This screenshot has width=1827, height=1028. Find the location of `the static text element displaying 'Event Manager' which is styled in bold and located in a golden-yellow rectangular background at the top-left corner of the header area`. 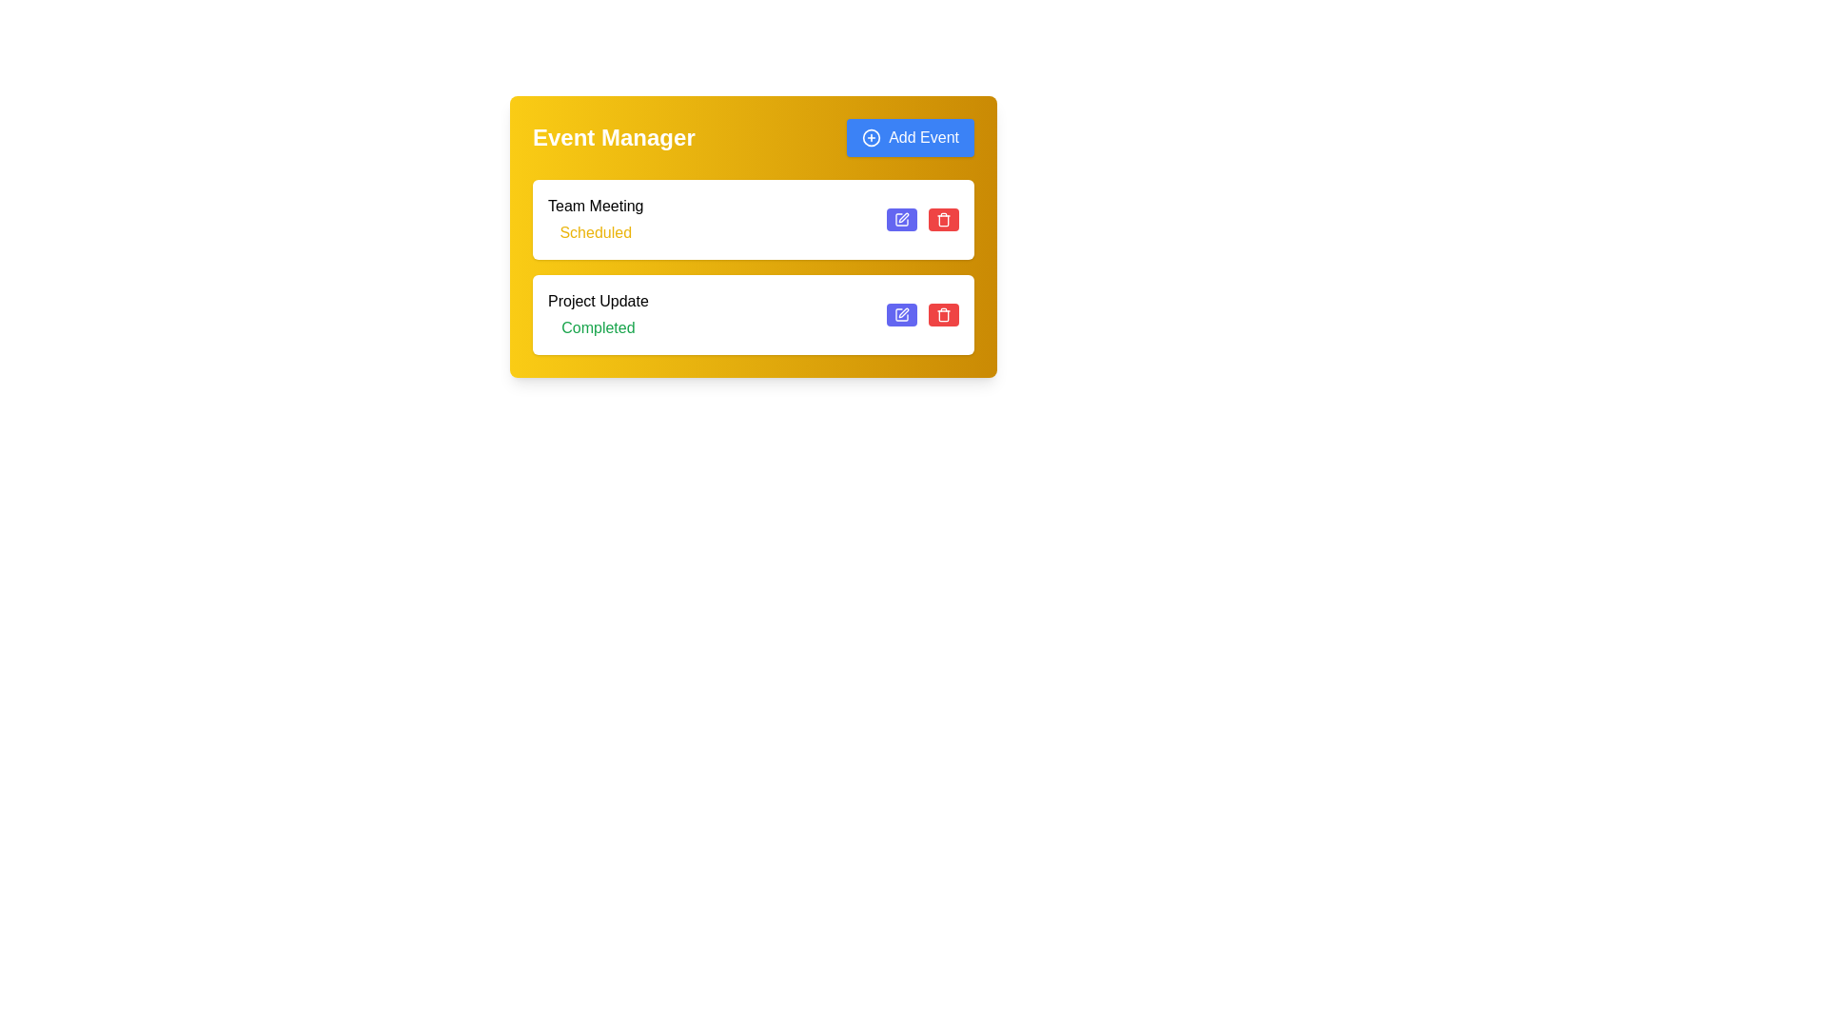

the static text element displaying 'Event Manager' which is styled in bold and located in a golden-yellow rectangular background at the top-left corner of the header area is located at coordinates (614, 137).